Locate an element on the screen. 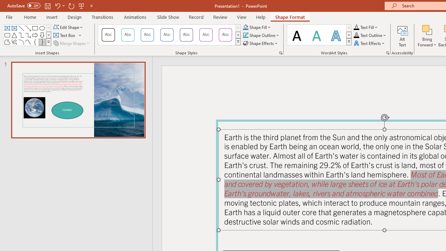 Image resolution: width=446 pixels, height=251 pixels. 'Colored Outline - Purple, Accent 5' is located at coordinates (206, 35).